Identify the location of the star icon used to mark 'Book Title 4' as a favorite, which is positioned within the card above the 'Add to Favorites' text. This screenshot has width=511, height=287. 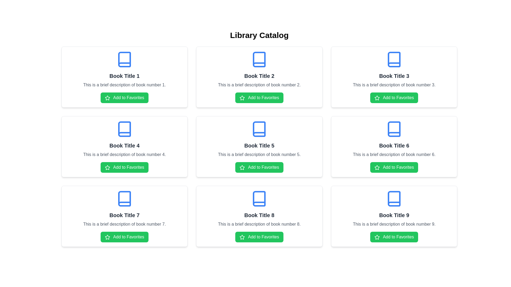
(107, 167).